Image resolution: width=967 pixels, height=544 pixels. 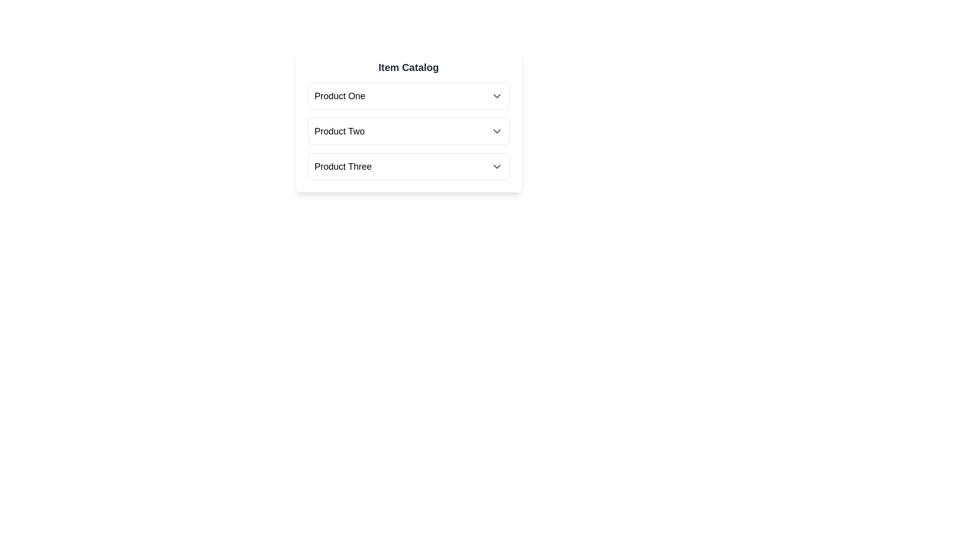 I want to click on the 'Item Catalog' title located at the center of the component, so click(x=408, y=67).